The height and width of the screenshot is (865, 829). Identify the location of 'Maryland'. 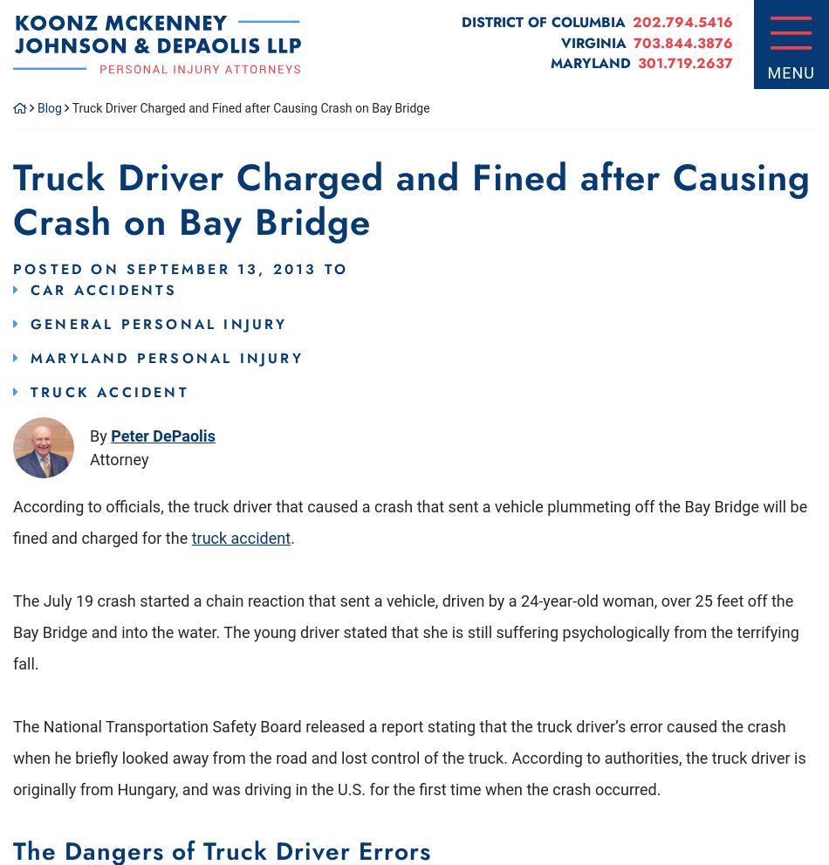
(590, 62).